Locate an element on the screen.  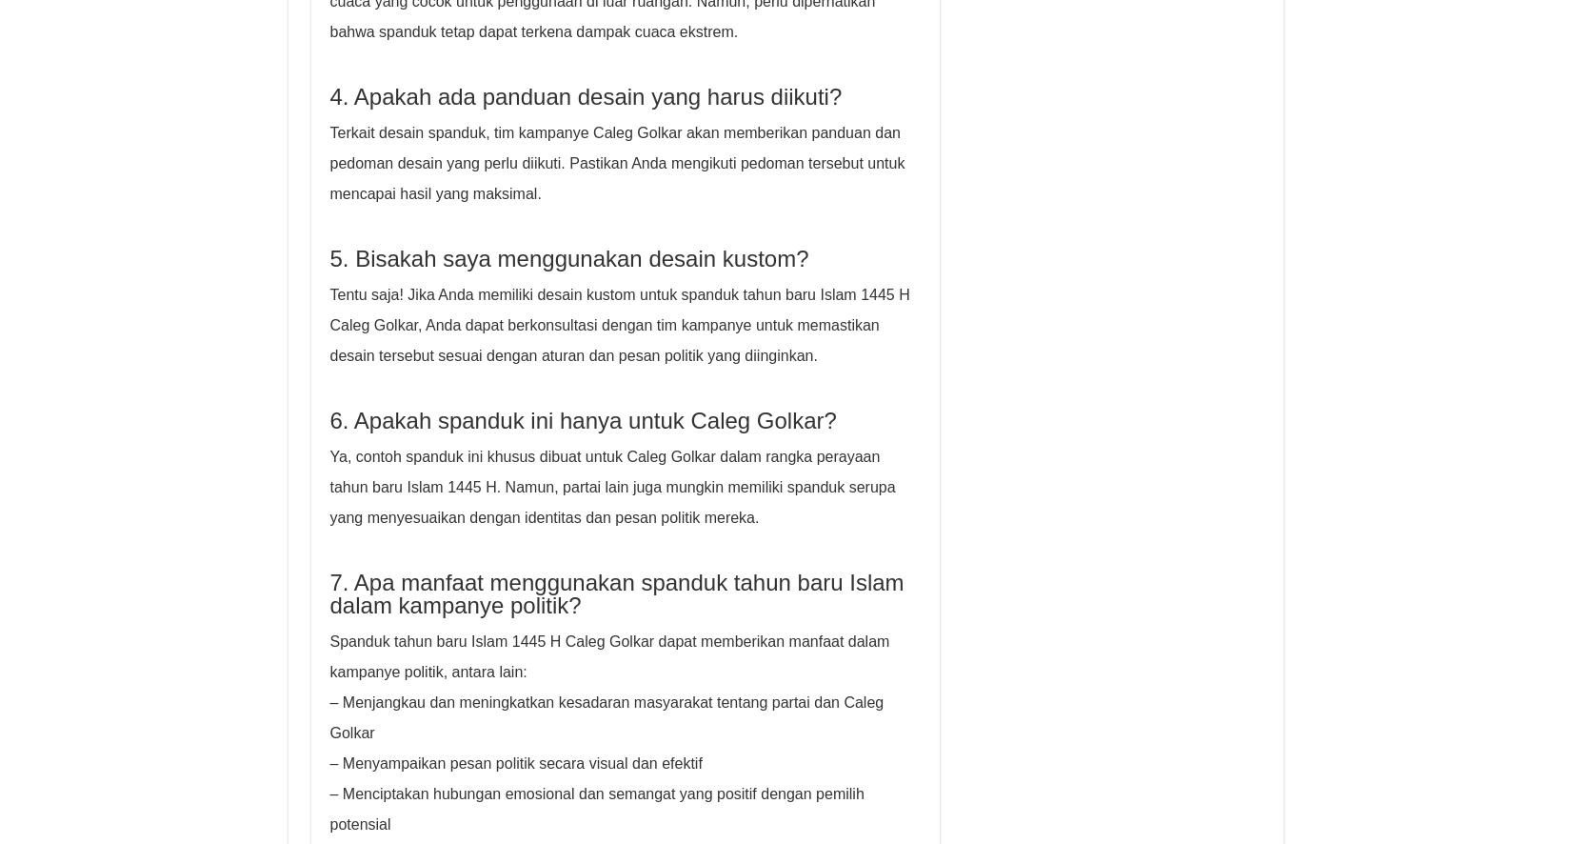
'– Menciptakan hubungan emosional dan semangat yang positif dengan pemilih potensial' is located at coordinates (595, 808).